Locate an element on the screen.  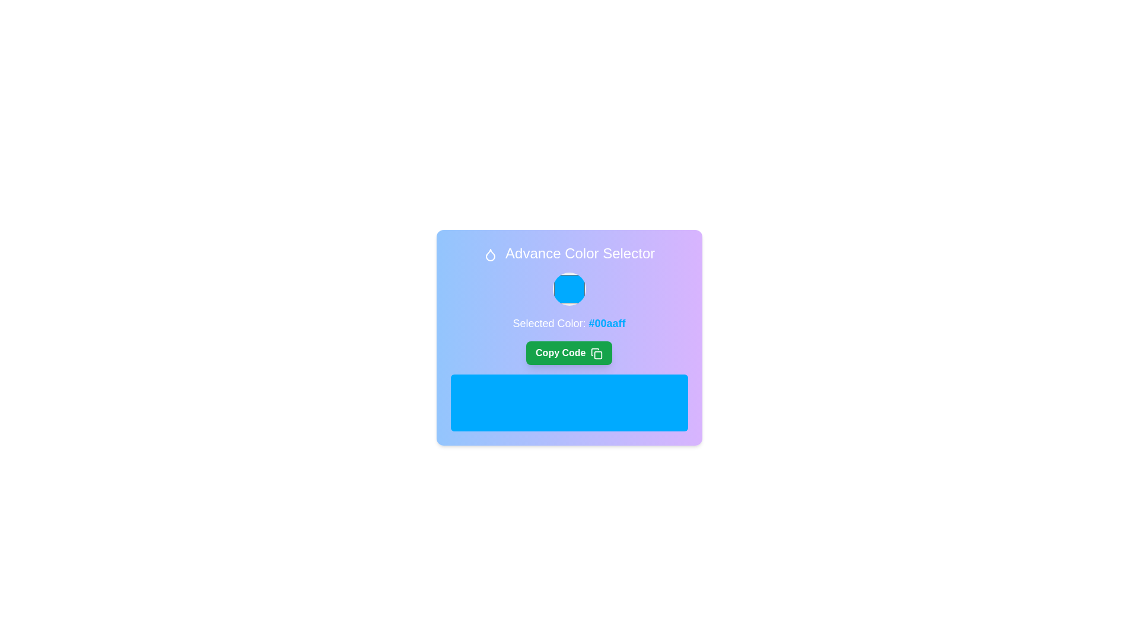
the text label that displays the currently selected color's name and hexadecimal code, which is located below the circular color preview and above the green 'Copy Code' button is located at coordinates (568, 324).